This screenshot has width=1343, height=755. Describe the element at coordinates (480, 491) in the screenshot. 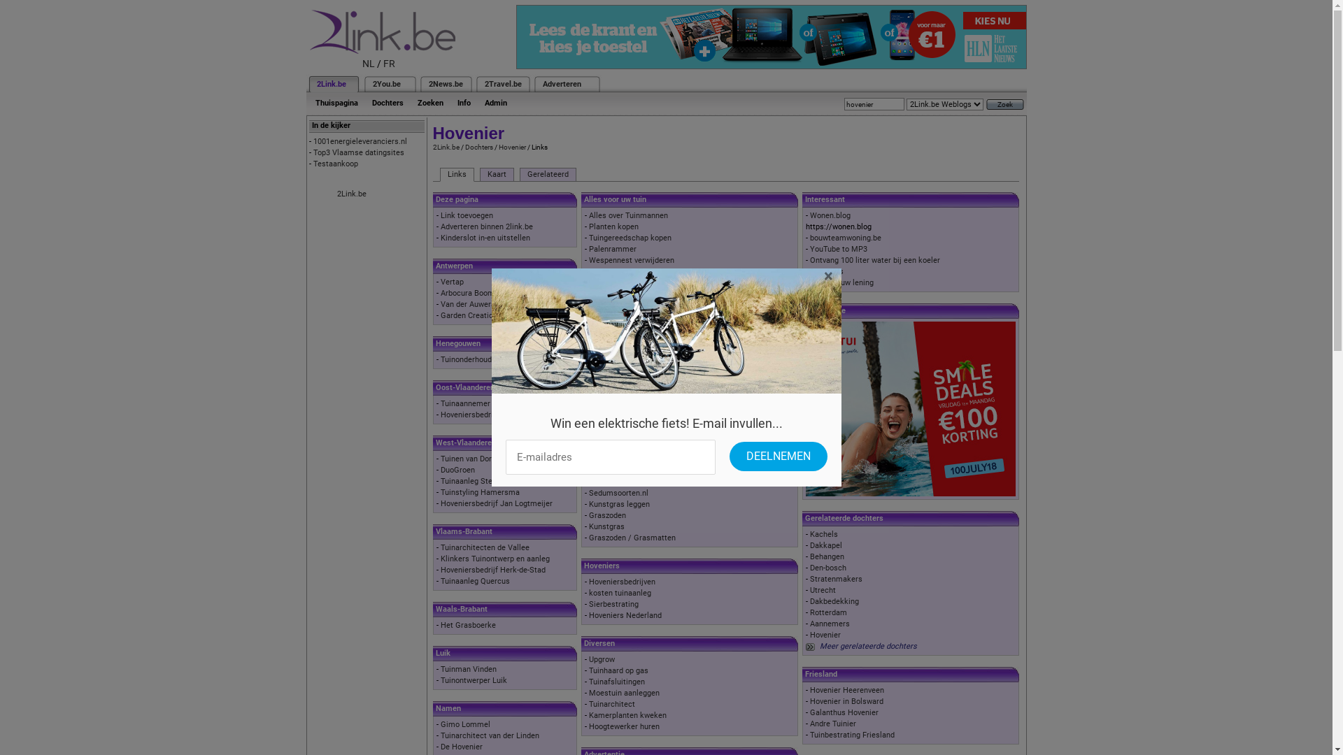

I see `'Tuinstyling Hamersma'` at that location.